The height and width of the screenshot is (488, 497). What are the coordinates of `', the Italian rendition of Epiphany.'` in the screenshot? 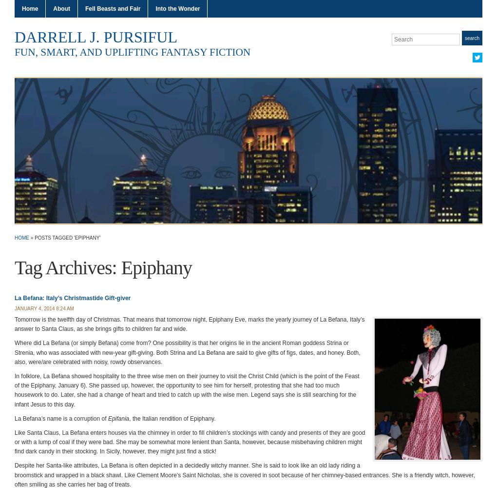 It's located at (128, 418).